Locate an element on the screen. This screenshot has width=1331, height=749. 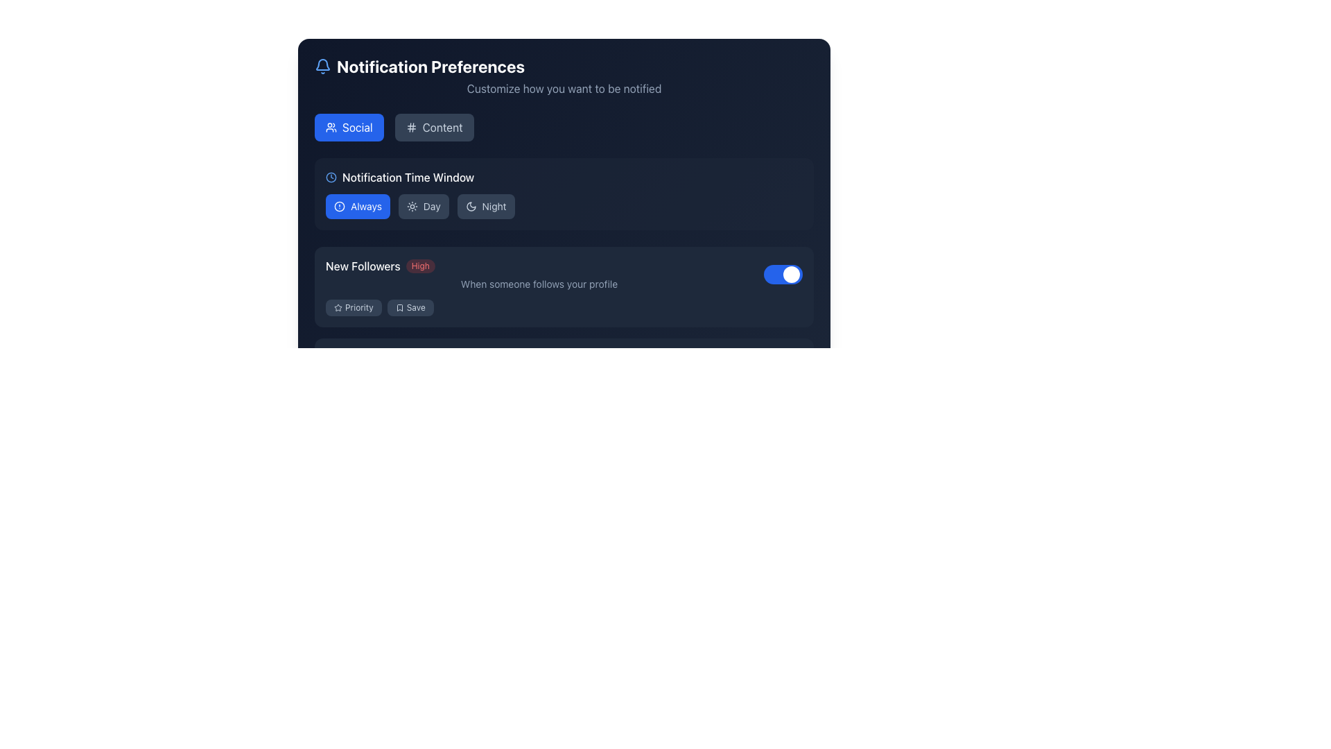
the 'Always' button in the 'Notification Time Window' settings is located at coordinates (358, 206).